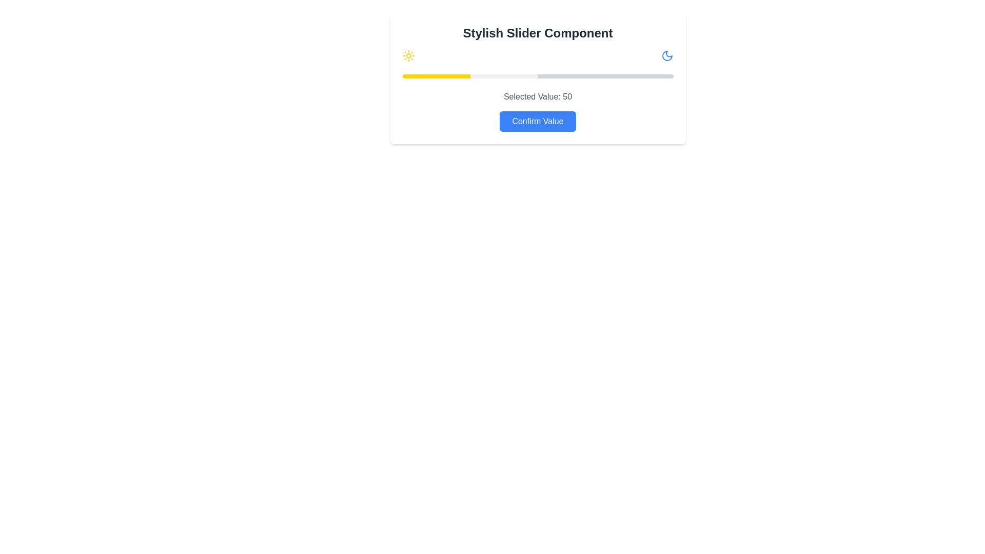  I want to click on the slider to set its value to 1, so click(404, 76).